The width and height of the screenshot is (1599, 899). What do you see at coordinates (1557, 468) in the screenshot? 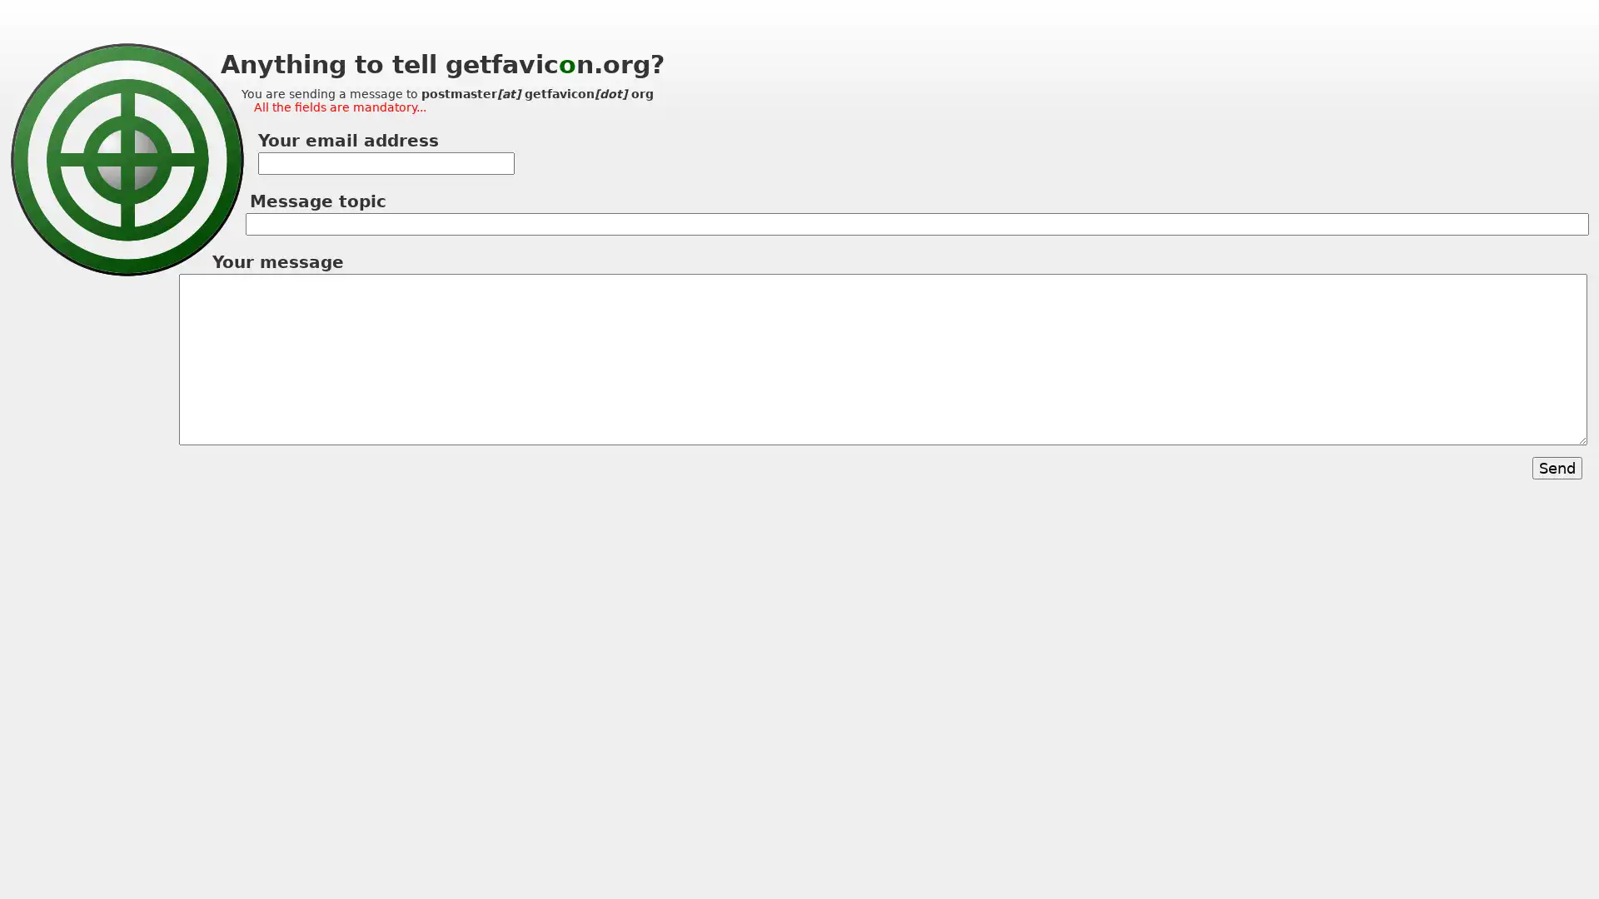
I see `Send` at bounding box center [1557, 468].